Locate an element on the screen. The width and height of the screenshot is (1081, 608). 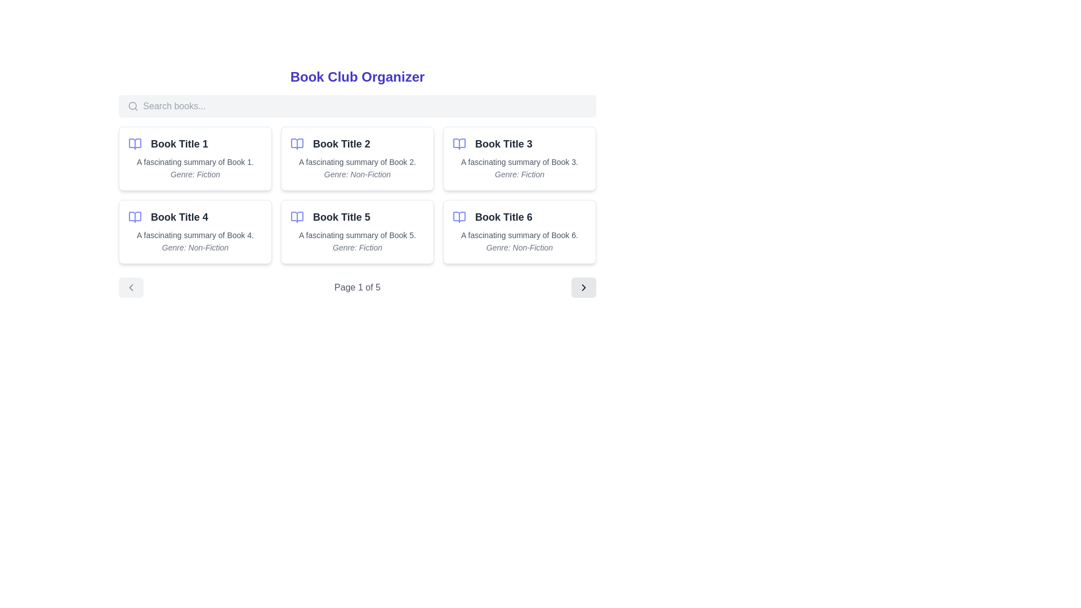
the decorative book icon located at the top-left corner of the fifth book card representing 'Book Title 5.' is located at coordinates (297, 217).